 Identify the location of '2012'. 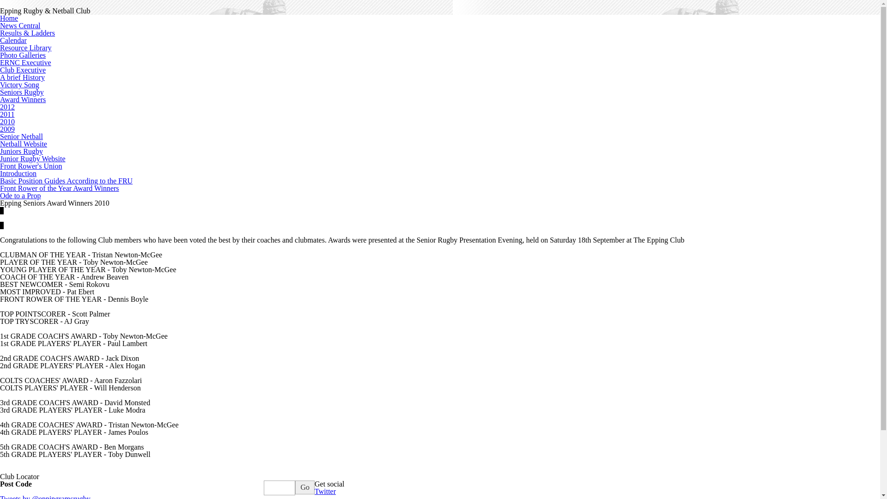
(0, 106).